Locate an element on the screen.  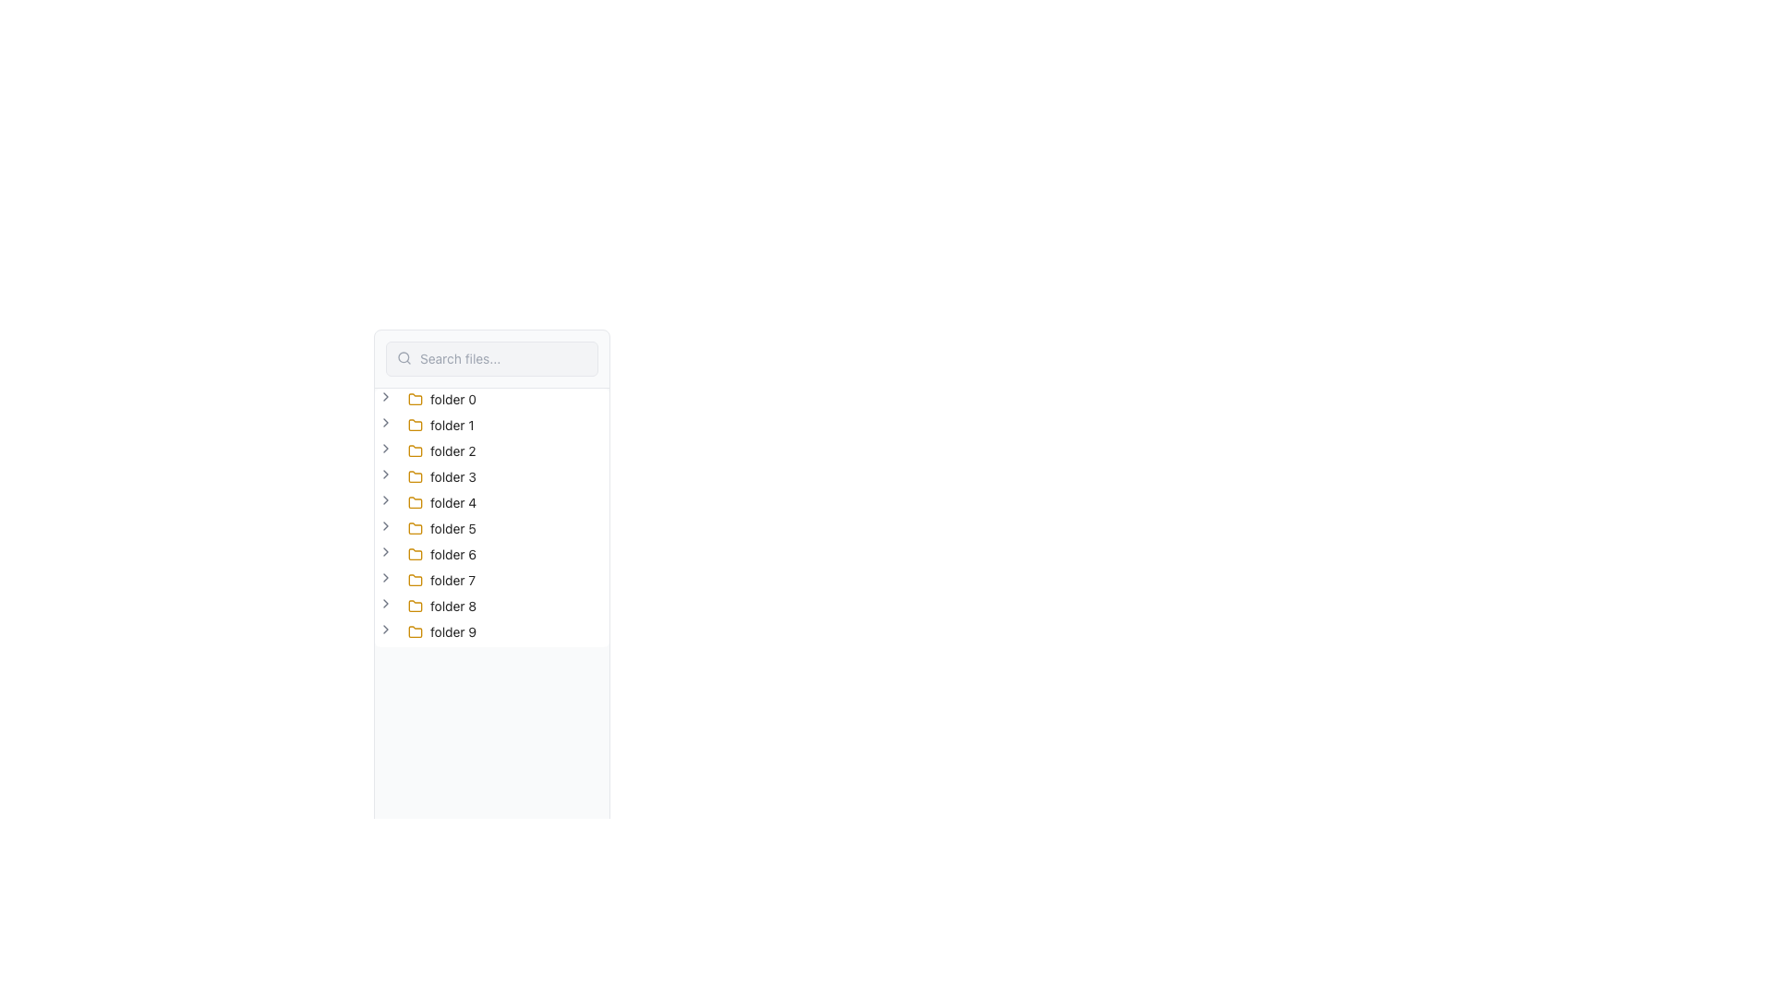
the yellow folder icon next is located at coordinates (440, 451).